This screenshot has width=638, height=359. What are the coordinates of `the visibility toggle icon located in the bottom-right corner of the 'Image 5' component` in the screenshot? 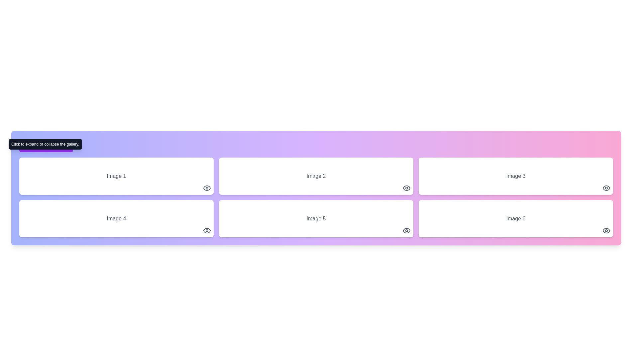 It's located at (406, 230).